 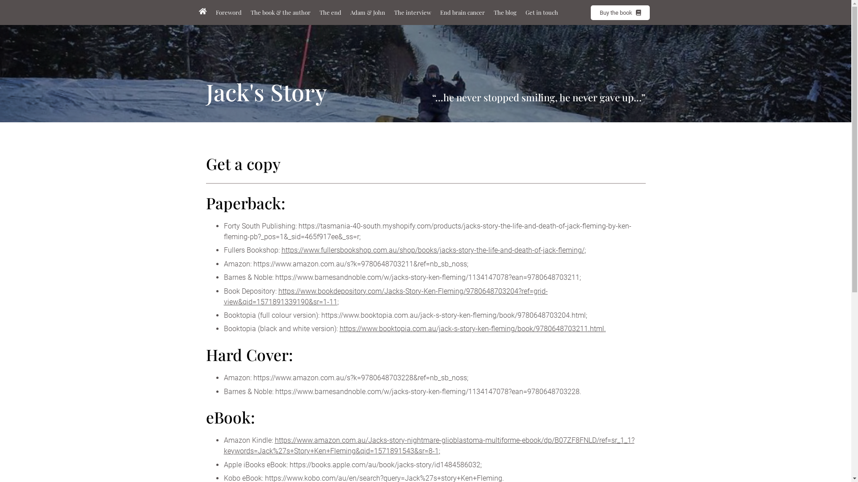 I want to click on 'https://books.apple.com/au/book/jacks-story/id1484586032', so click(x=385, y=464).